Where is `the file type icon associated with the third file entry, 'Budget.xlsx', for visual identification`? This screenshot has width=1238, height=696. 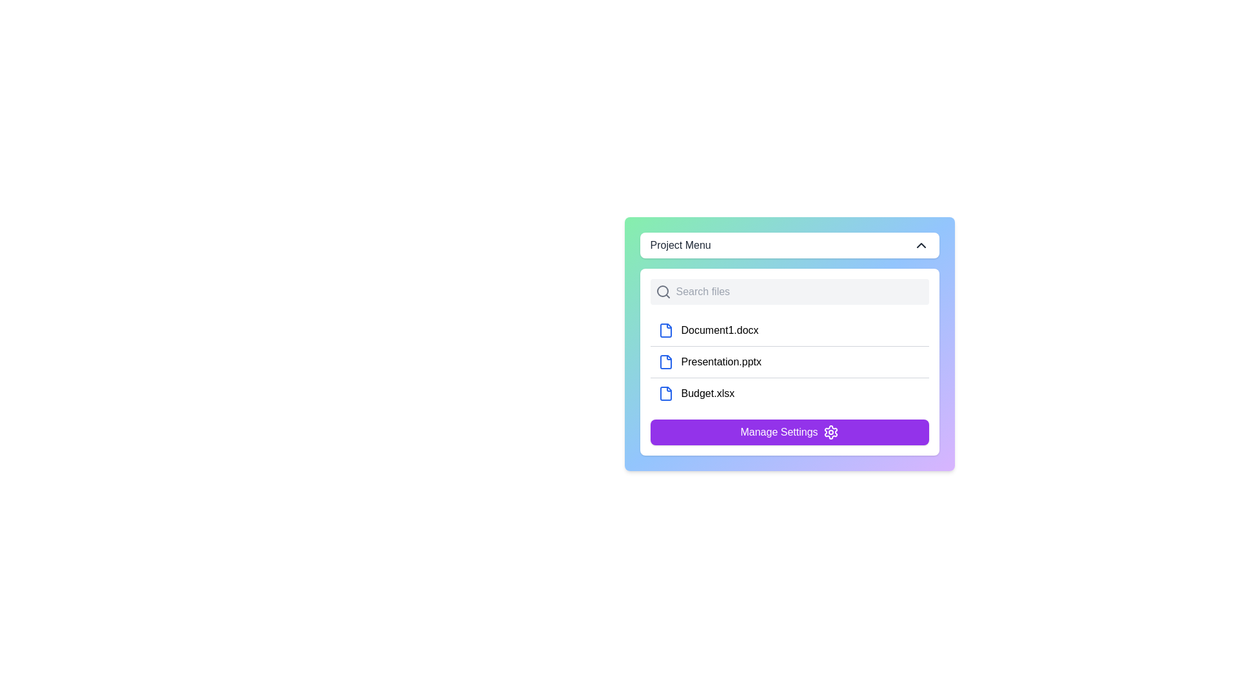 the file type icon associated with the third file entry, 'Budget.xlsx', for visual identification is located at coordinates (665, 392).